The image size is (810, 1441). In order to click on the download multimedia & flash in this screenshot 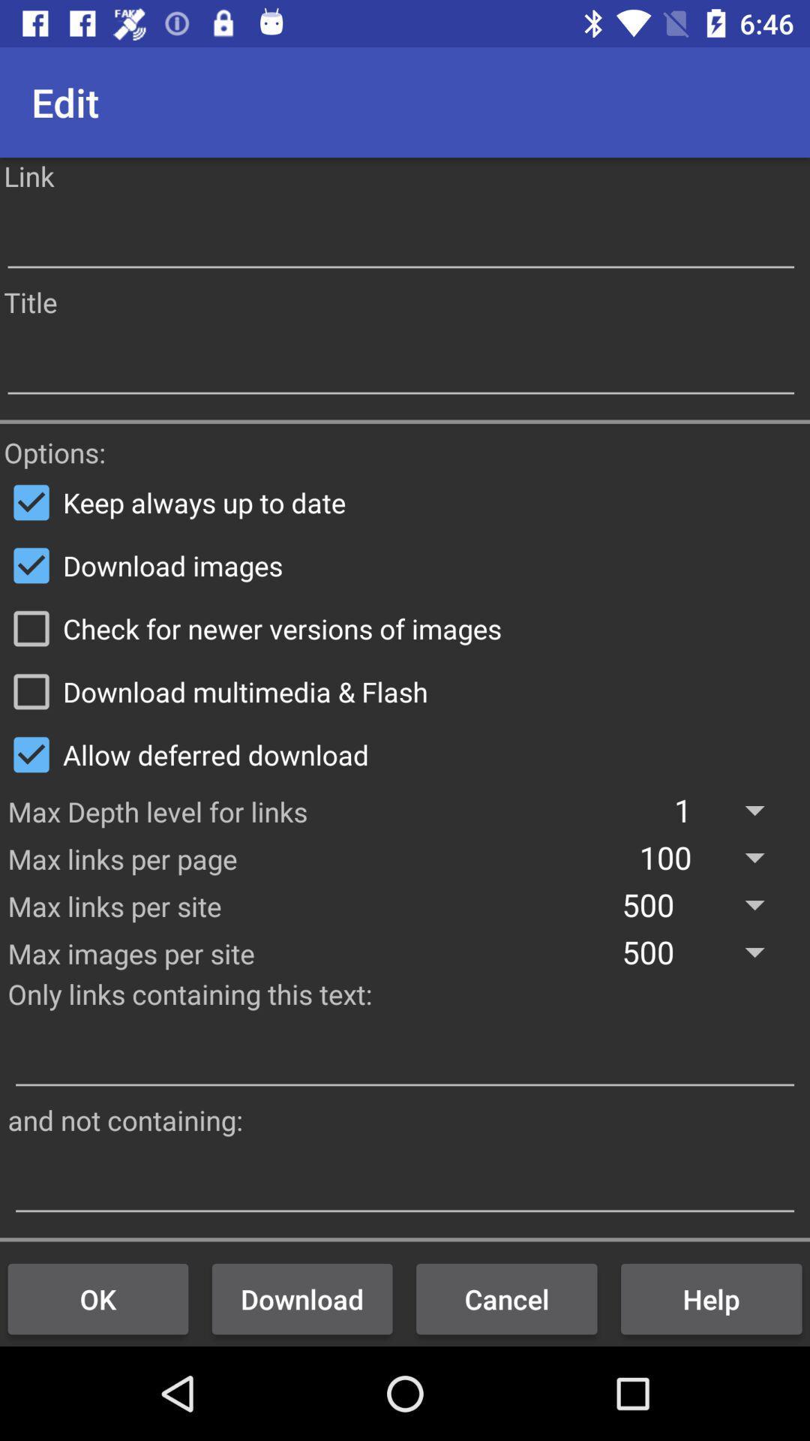, I will do `click(405, 690)`.